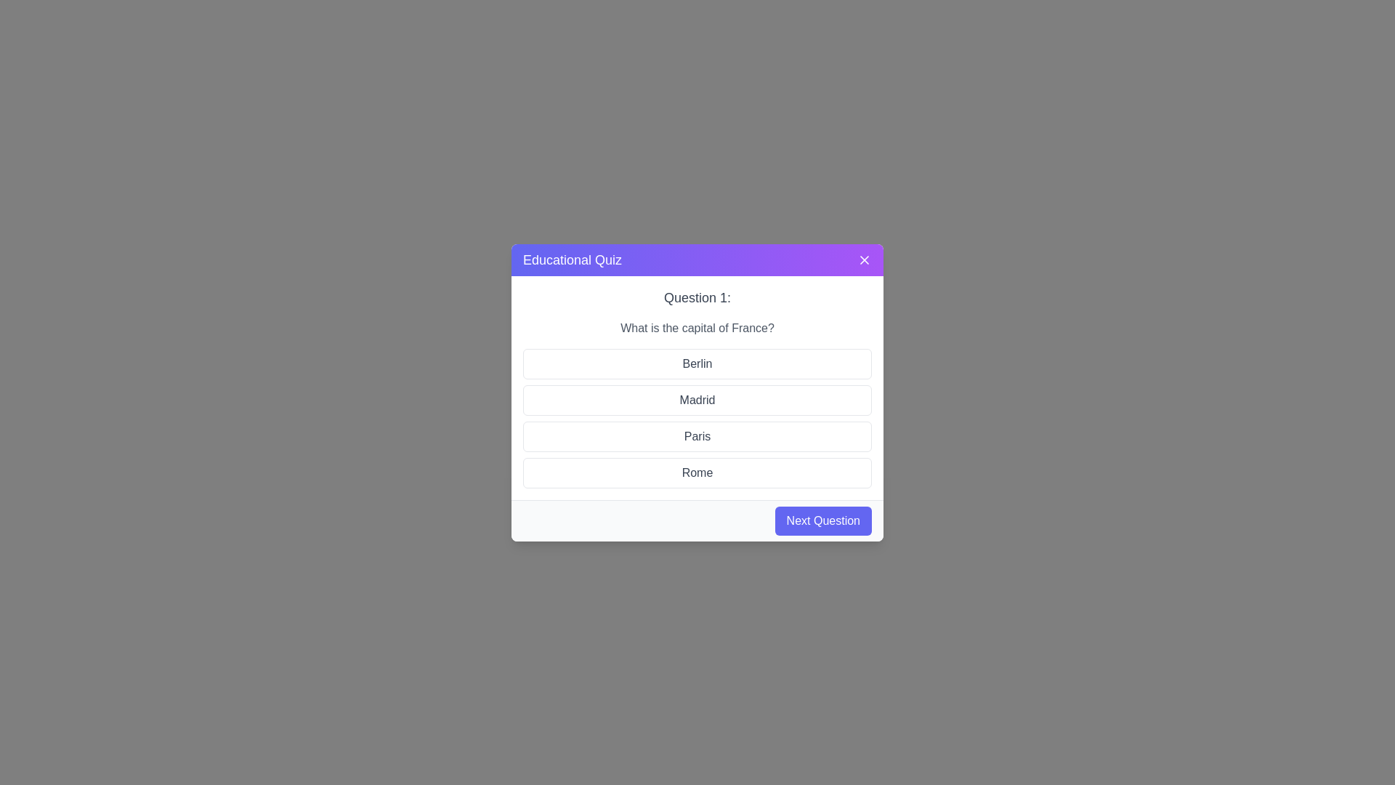  I want to click on the 'Berlin' button, which is the first option in the modal dialog titled 'Educational Quiz', so click(697, 363).